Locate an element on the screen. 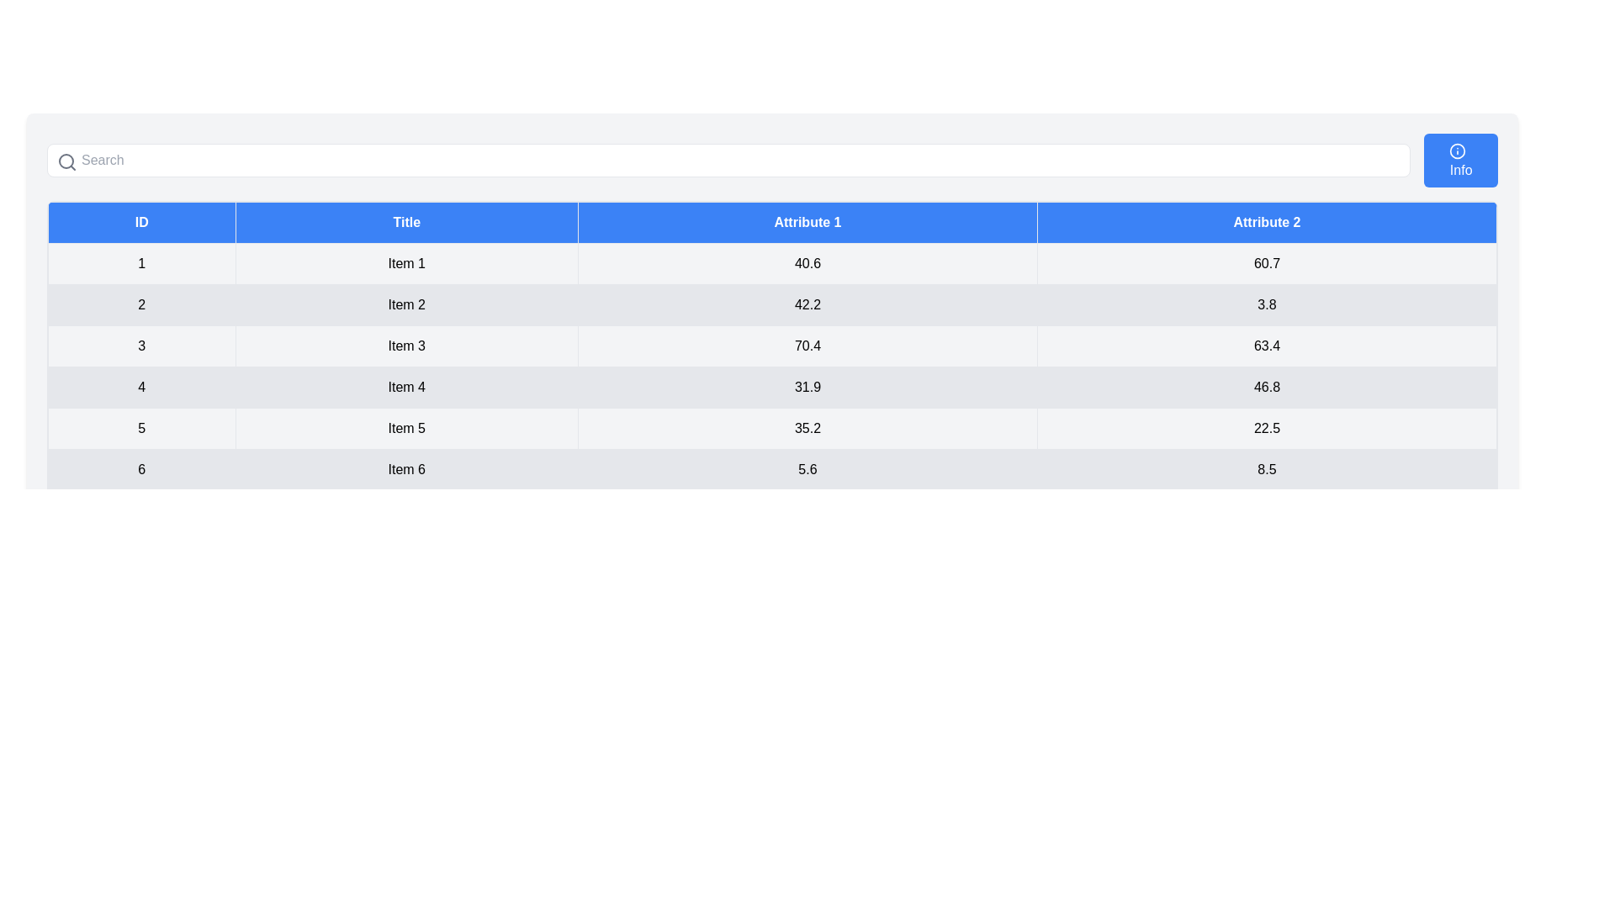 The height and width of the screenshot is (908, 1615). the column header ID to sort the table by that column is located at coordinates (141, 222).